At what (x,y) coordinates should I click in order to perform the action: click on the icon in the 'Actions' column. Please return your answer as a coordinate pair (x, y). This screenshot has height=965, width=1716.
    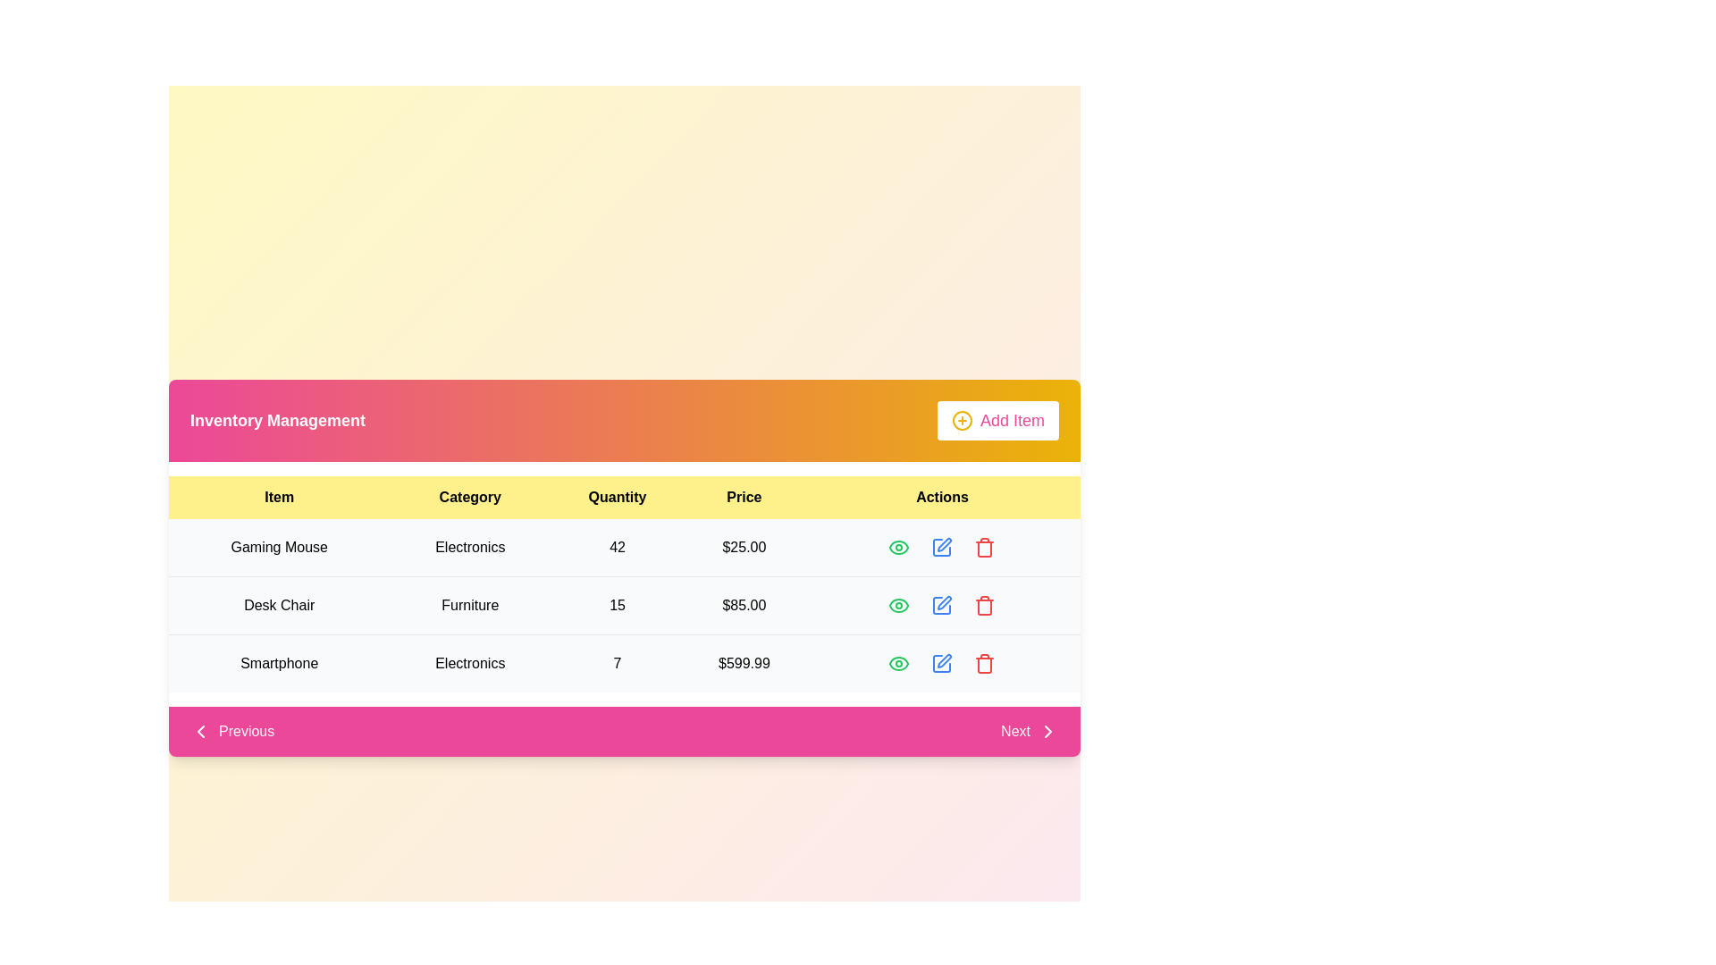
    Looking at the image, I should click on (899, 664).